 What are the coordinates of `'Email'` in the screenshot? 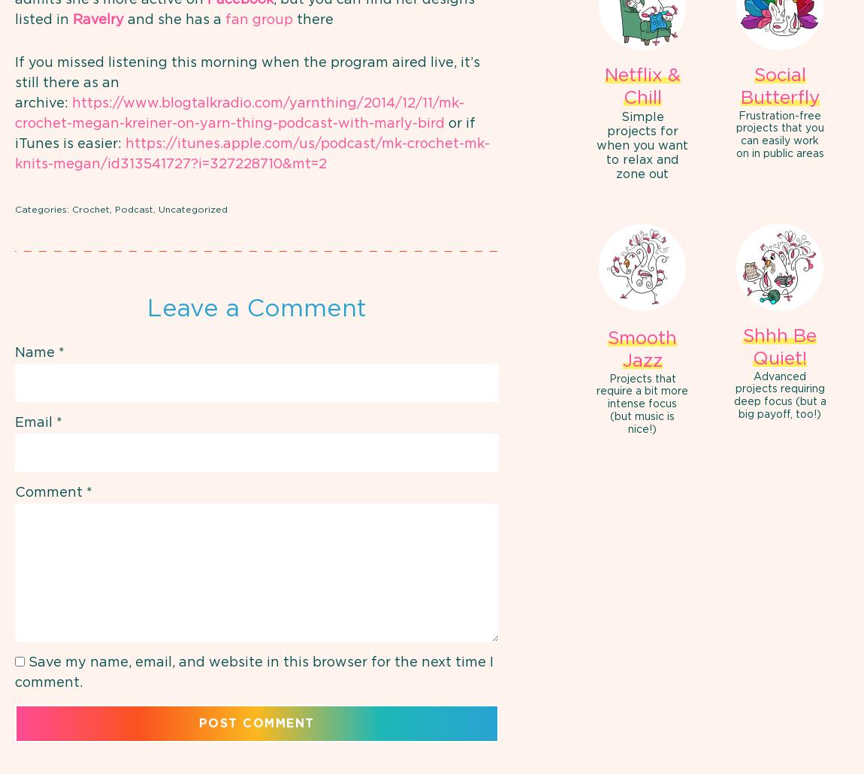 It's located at (35, 422).